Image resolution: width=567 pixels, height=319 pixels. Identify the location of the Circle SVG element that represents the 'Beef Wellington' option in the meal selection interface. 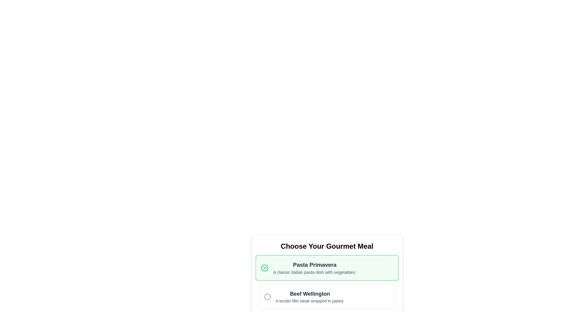
(267, 297).